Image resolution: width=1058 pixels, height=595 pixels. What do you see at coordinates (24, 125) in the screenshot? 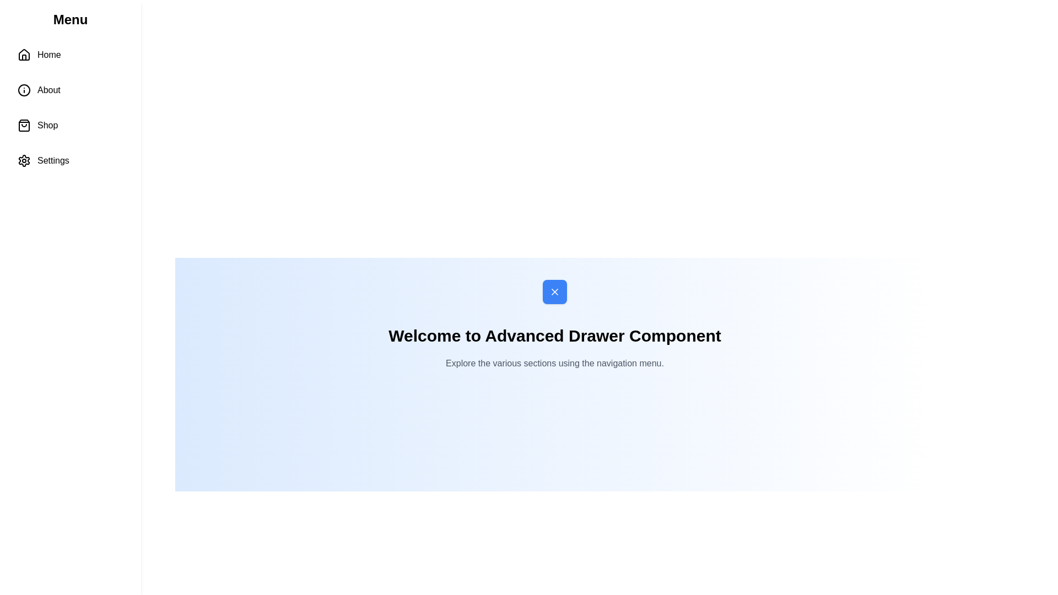
I see `the 'Shop' icon in the vertical navigation menu` at bounding box center [24, 125].